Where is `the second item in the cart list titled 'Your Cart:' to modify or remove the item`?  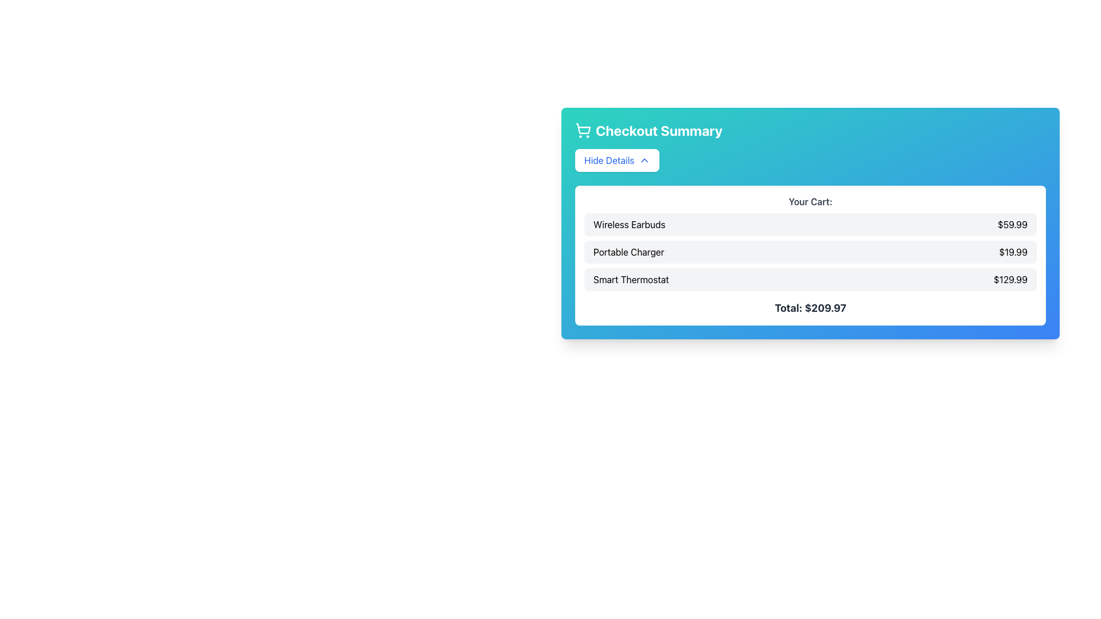
the second item in the cart list titled 'Your Cart:' to modify or remove the item is located at coordinates (810, 251).